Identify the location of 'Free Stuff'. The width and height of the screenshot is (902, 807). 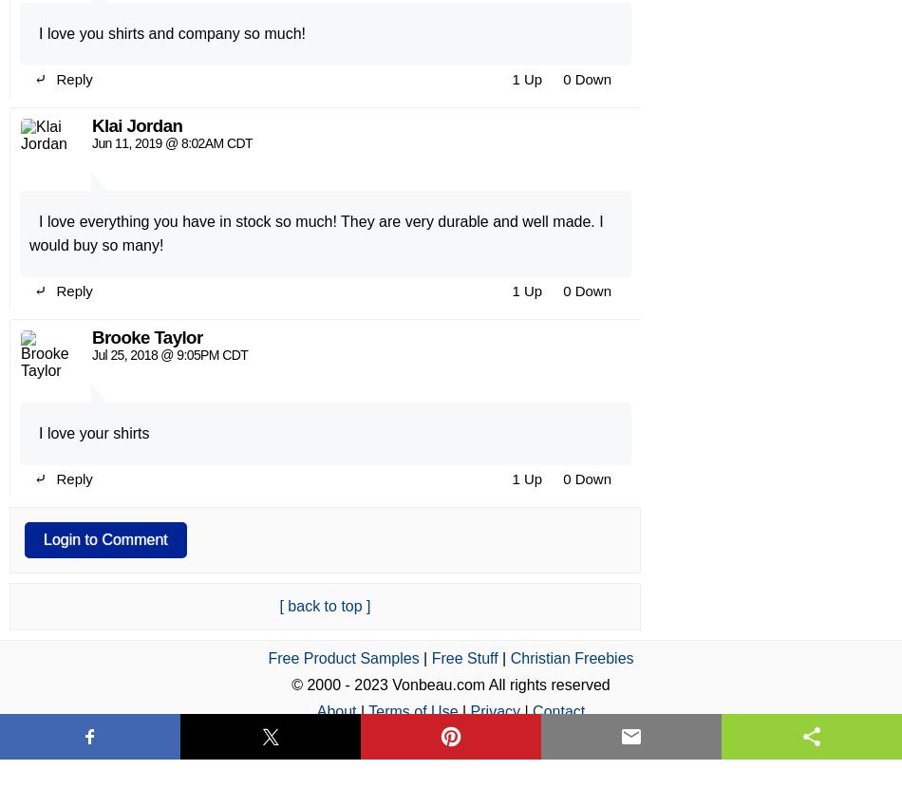
(463, 181).